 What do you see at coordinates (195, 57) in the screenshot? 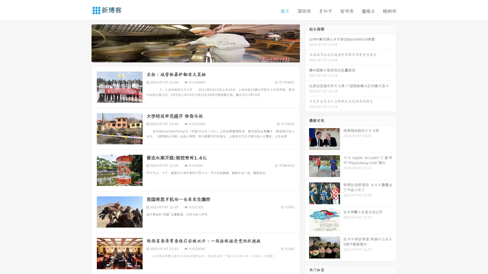
I see `Go to slide 2` at bounding box center [195, 57].